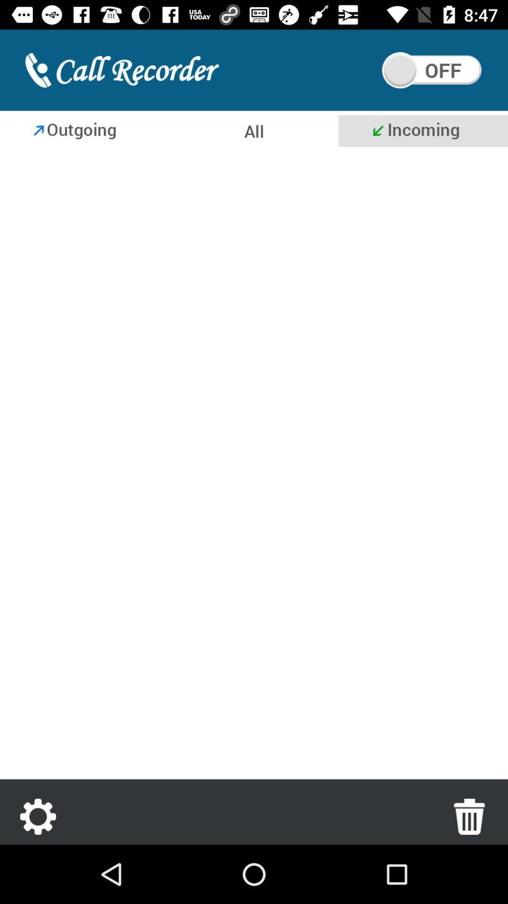 This screenshot has width=508, height=904. What do you see at coordinates (422, 130) in the screenshot?
I see `incoming buttton` at bounding box center [422, 130].